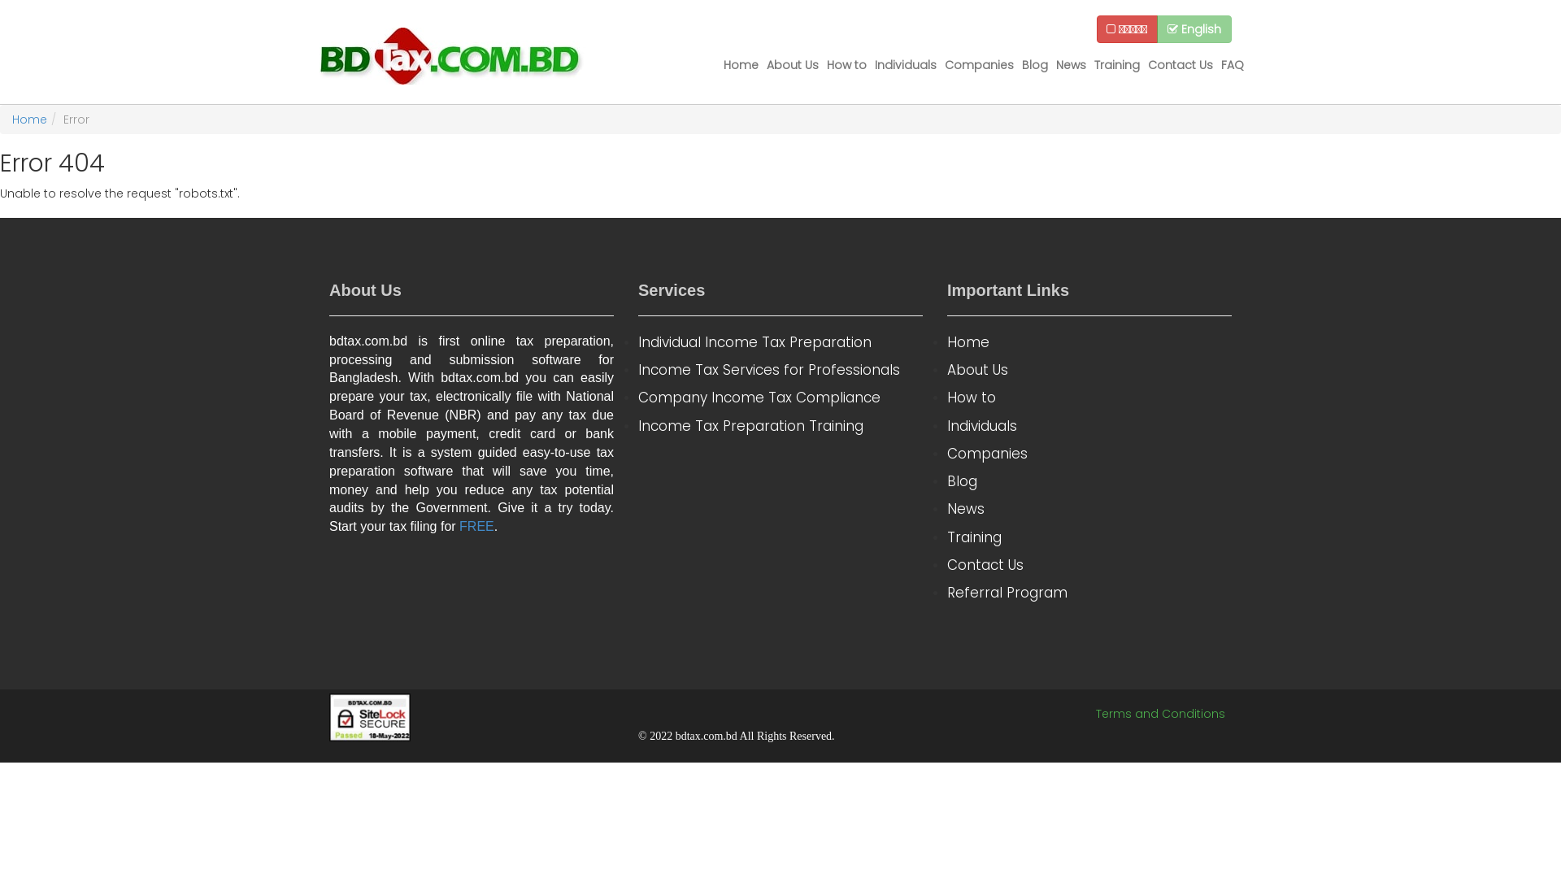  Describe the element at coordinates (29, 118) in the screenshot. I see `'Home'` at that location.